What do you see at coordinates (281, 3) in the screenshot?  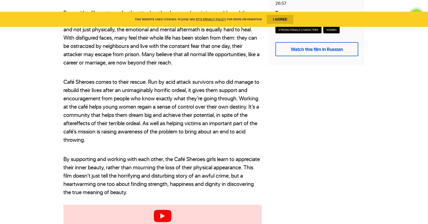 I see `'26:57'` at bounding box center [281, 3].